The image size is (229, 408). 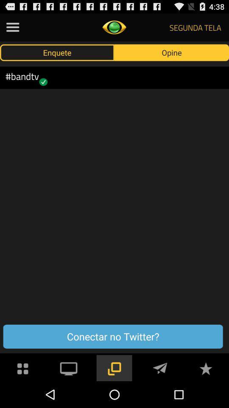 What do you see at coordinates (205, 367) in the screenshot?
I see `icon below the conectar no twitter?` at bounding box center [205, 367].